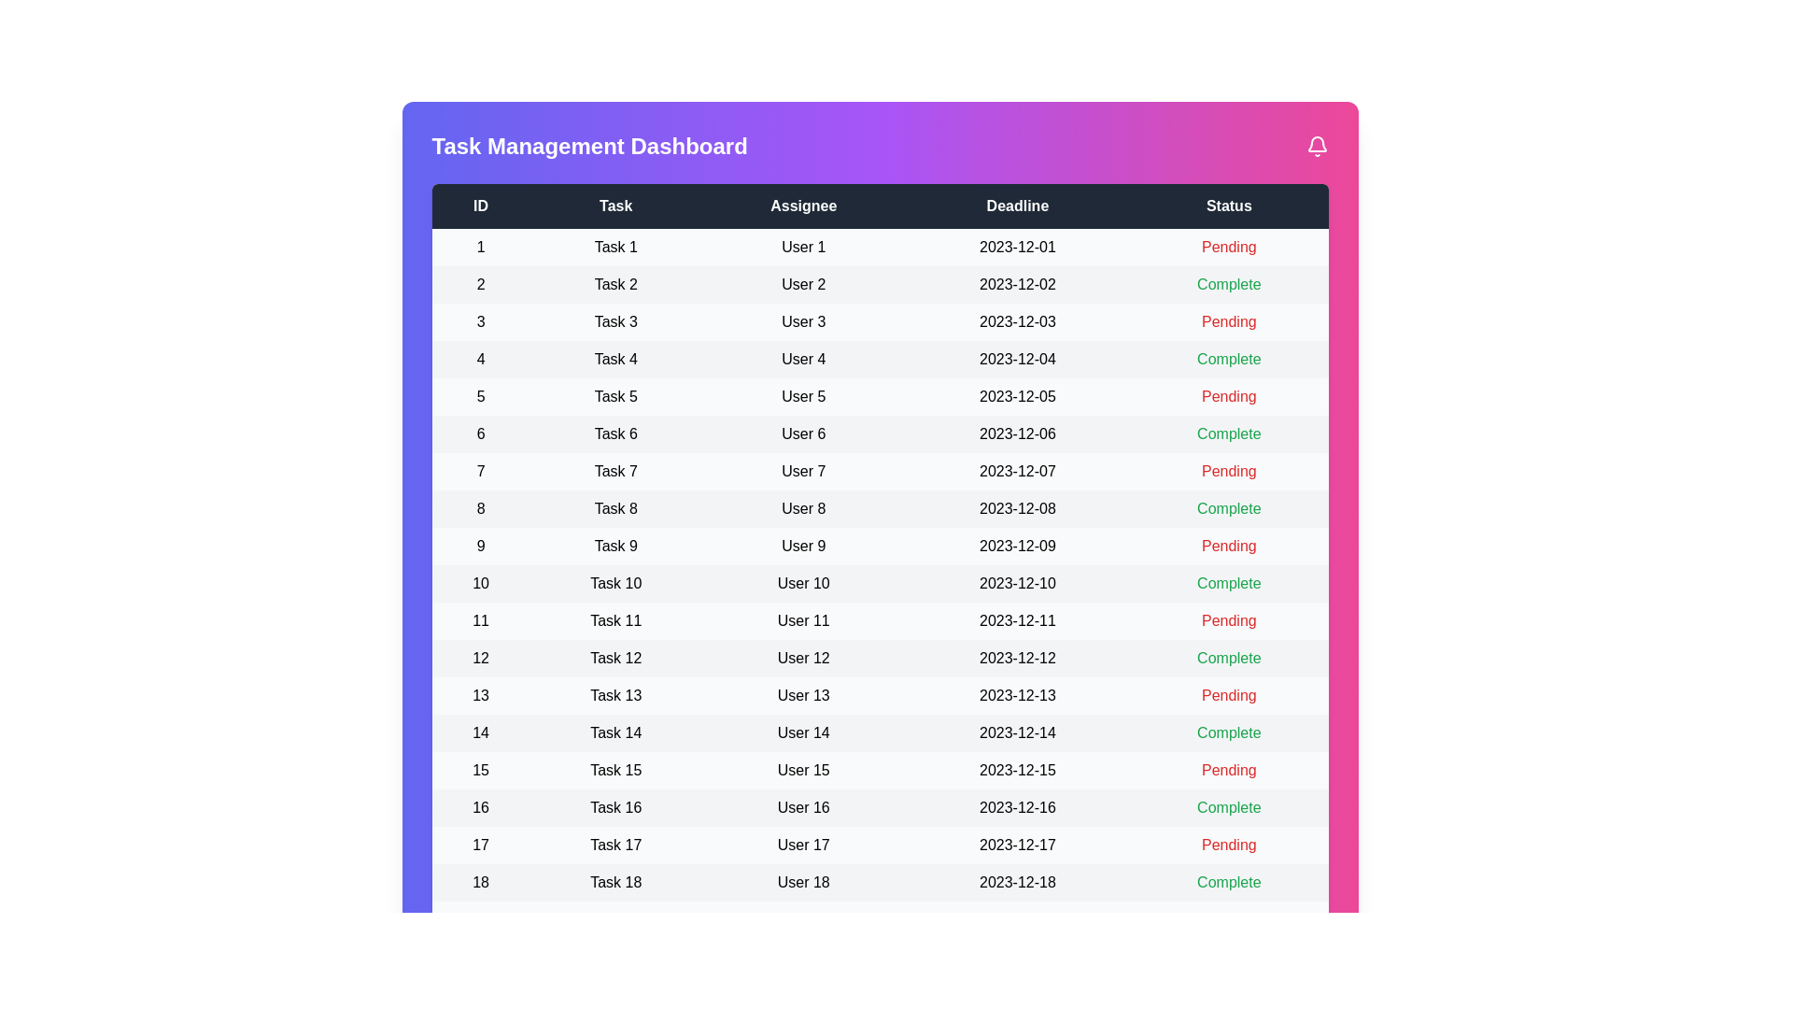 This screenshot has width=1793, height=1009. What do you see at coordinates (481, 206) in the screenshot?
I see `the column header labeled 'ID' to sort the table by that column` at bounding box center [481, 206].